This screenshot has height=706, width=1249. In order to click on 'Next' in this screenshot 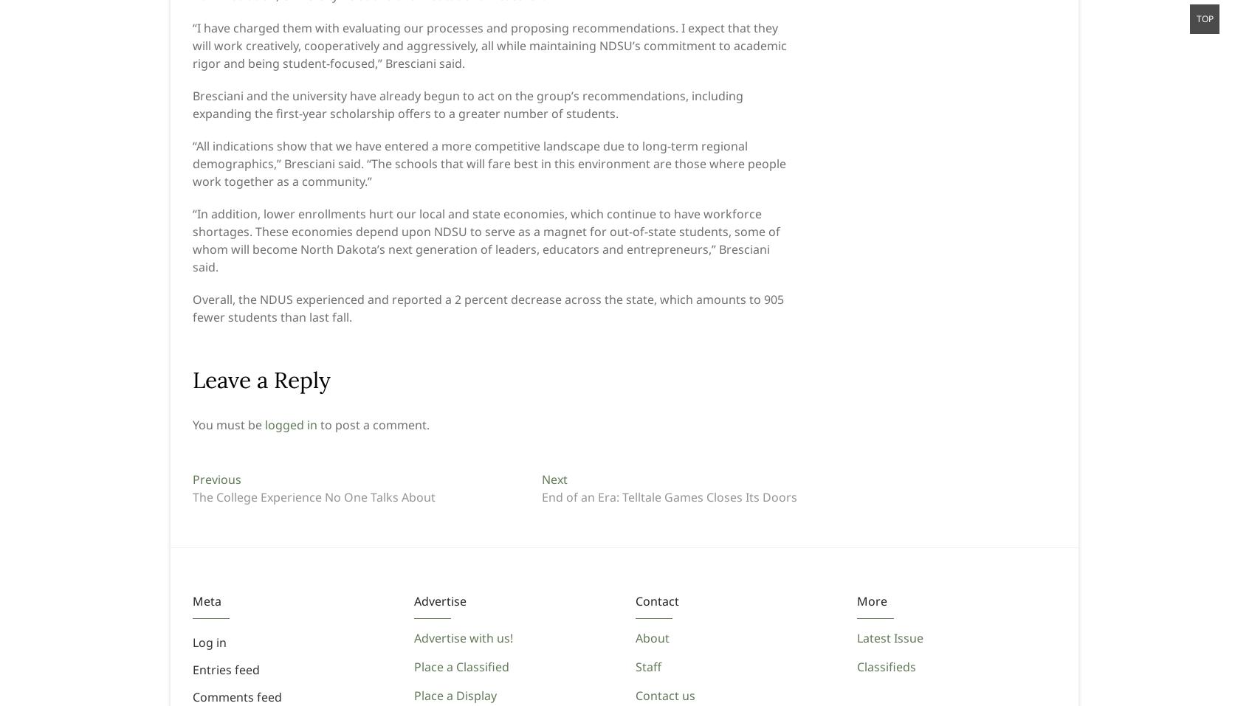, I will do `click(554, 478)`.